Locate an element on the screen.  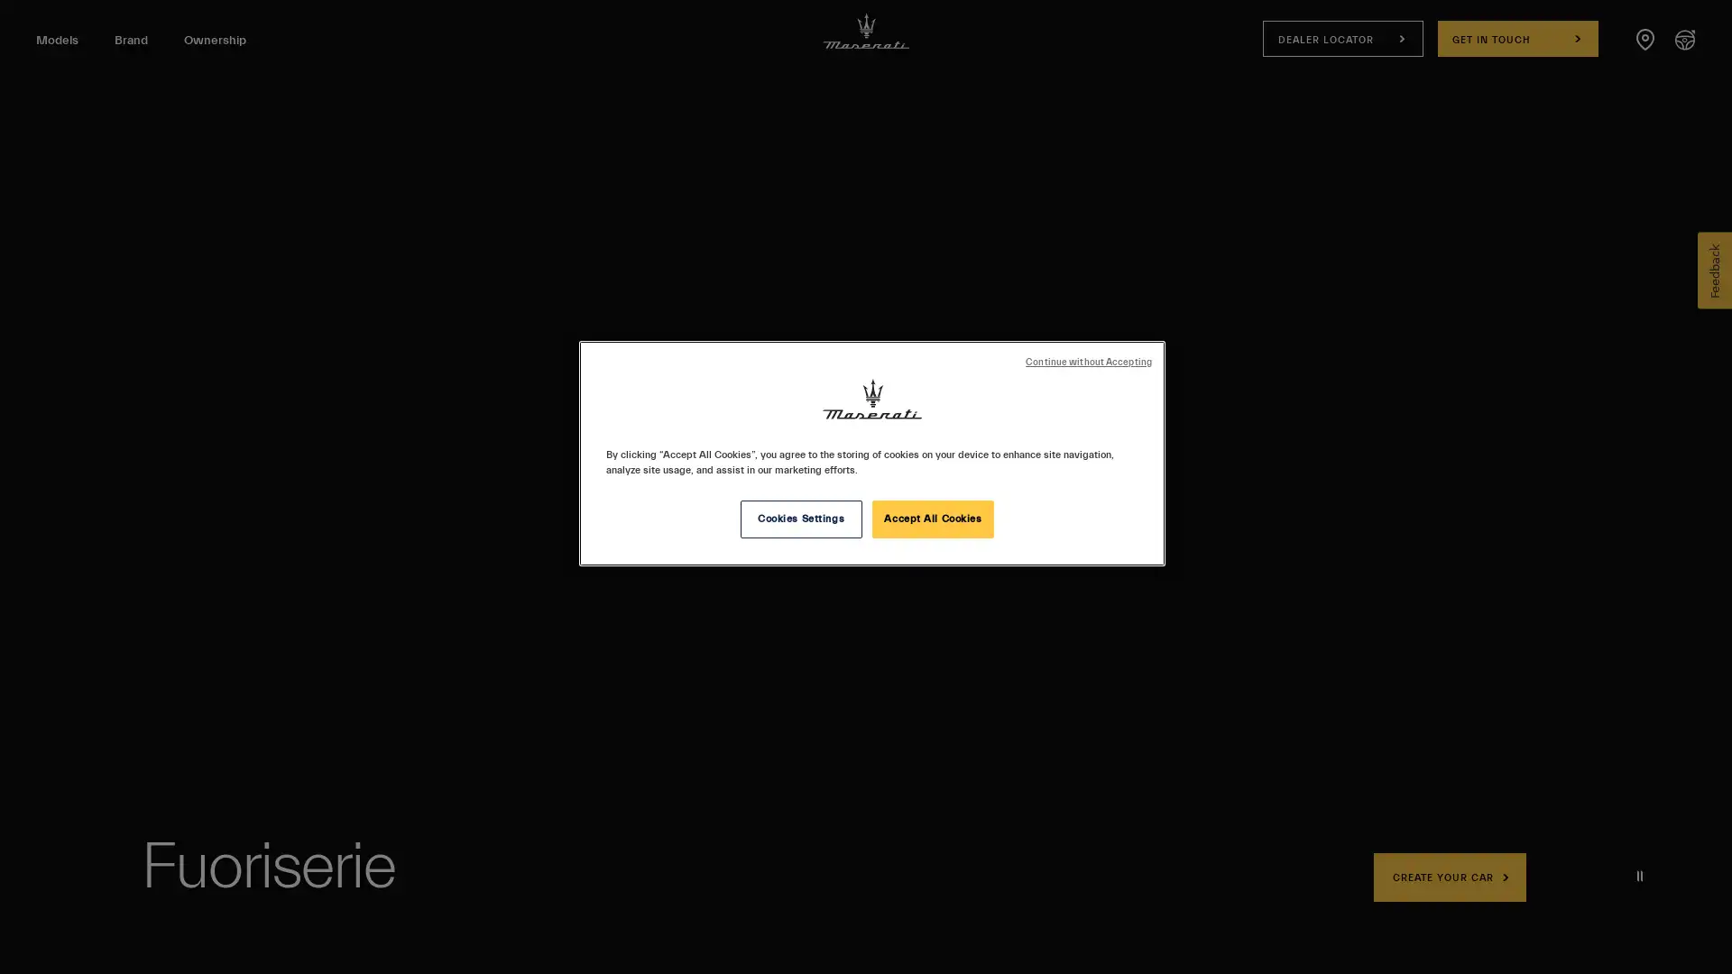
Accept All Cookies is located at coordinates (933, 519).